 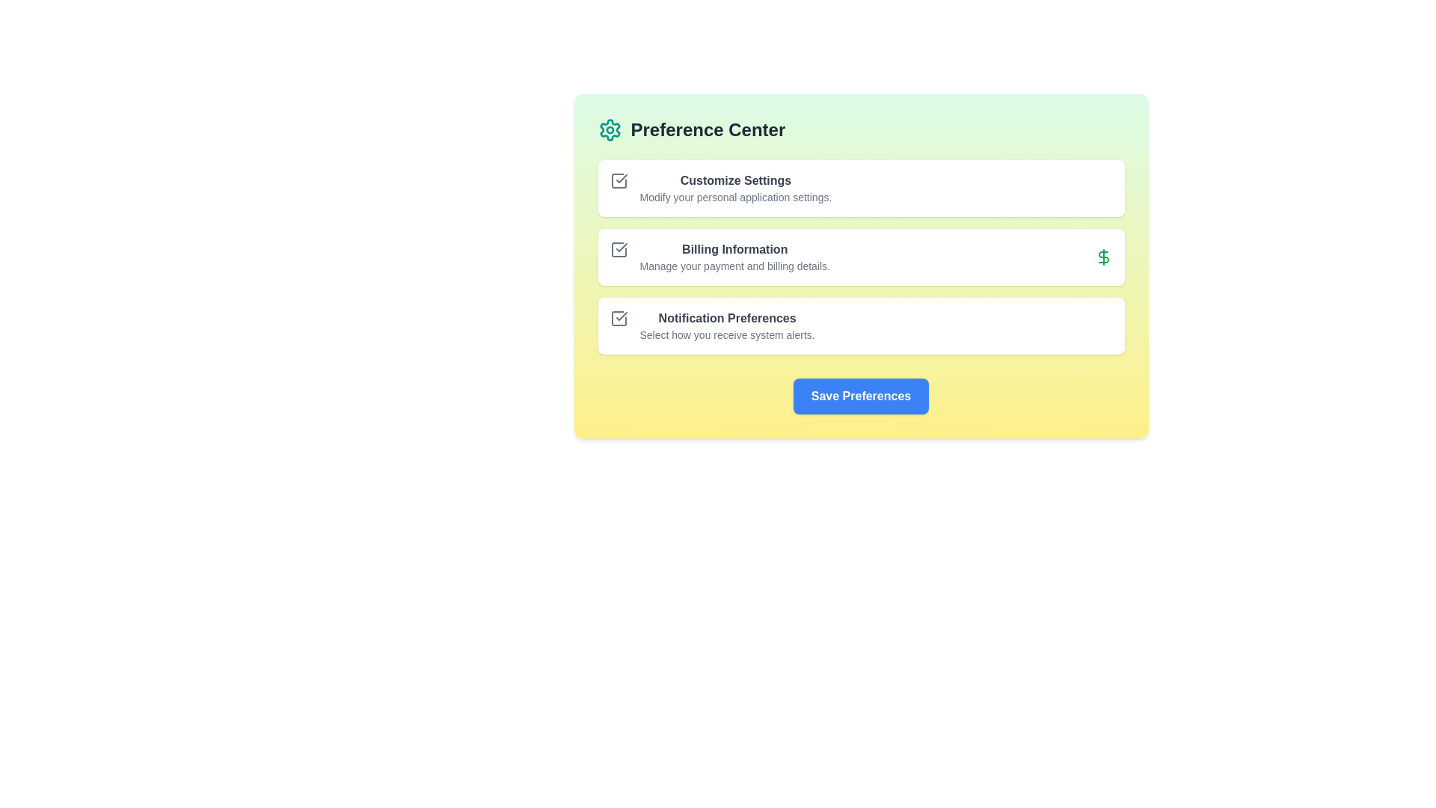 What do you see at coordinates (735, 187) in the screenshot?
I see `the Text block that provides a description and label for modifying personal application settings, located centrally in the topmost card within the 'Preference Center' section` at bounding box center [735, 187].